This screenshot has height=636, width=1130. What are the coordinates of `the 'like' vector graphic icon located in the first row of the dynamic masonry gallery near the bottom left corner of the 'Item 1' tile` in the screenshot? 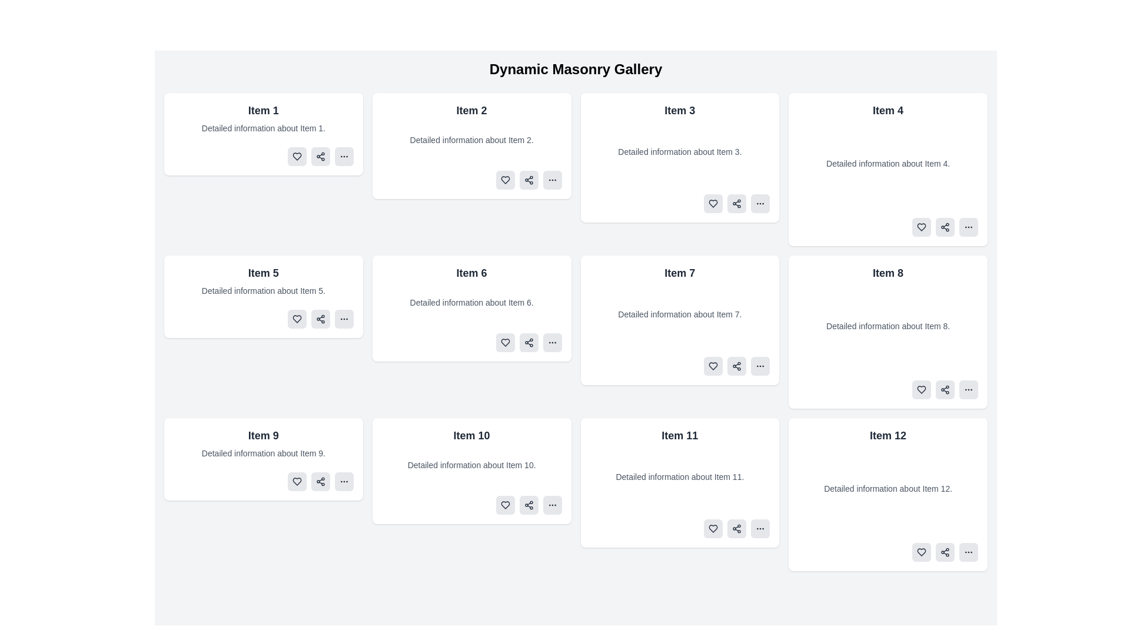 It's located at (297, 156).